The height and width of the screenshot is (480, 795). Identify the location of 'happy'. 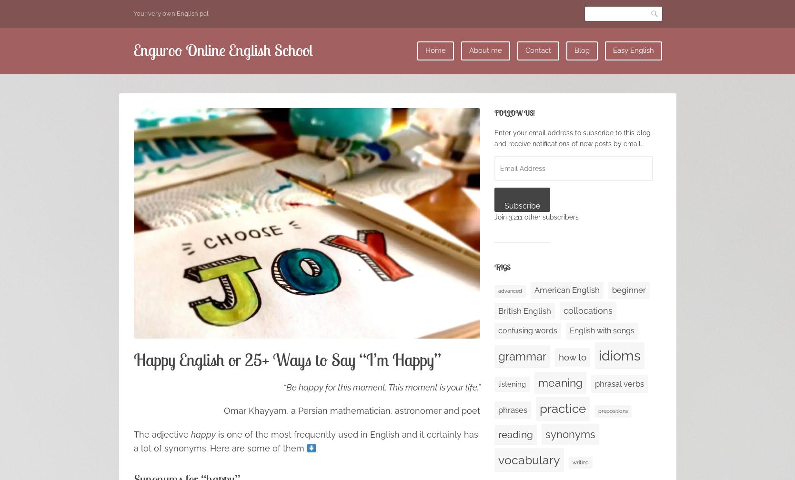
(202, 434).